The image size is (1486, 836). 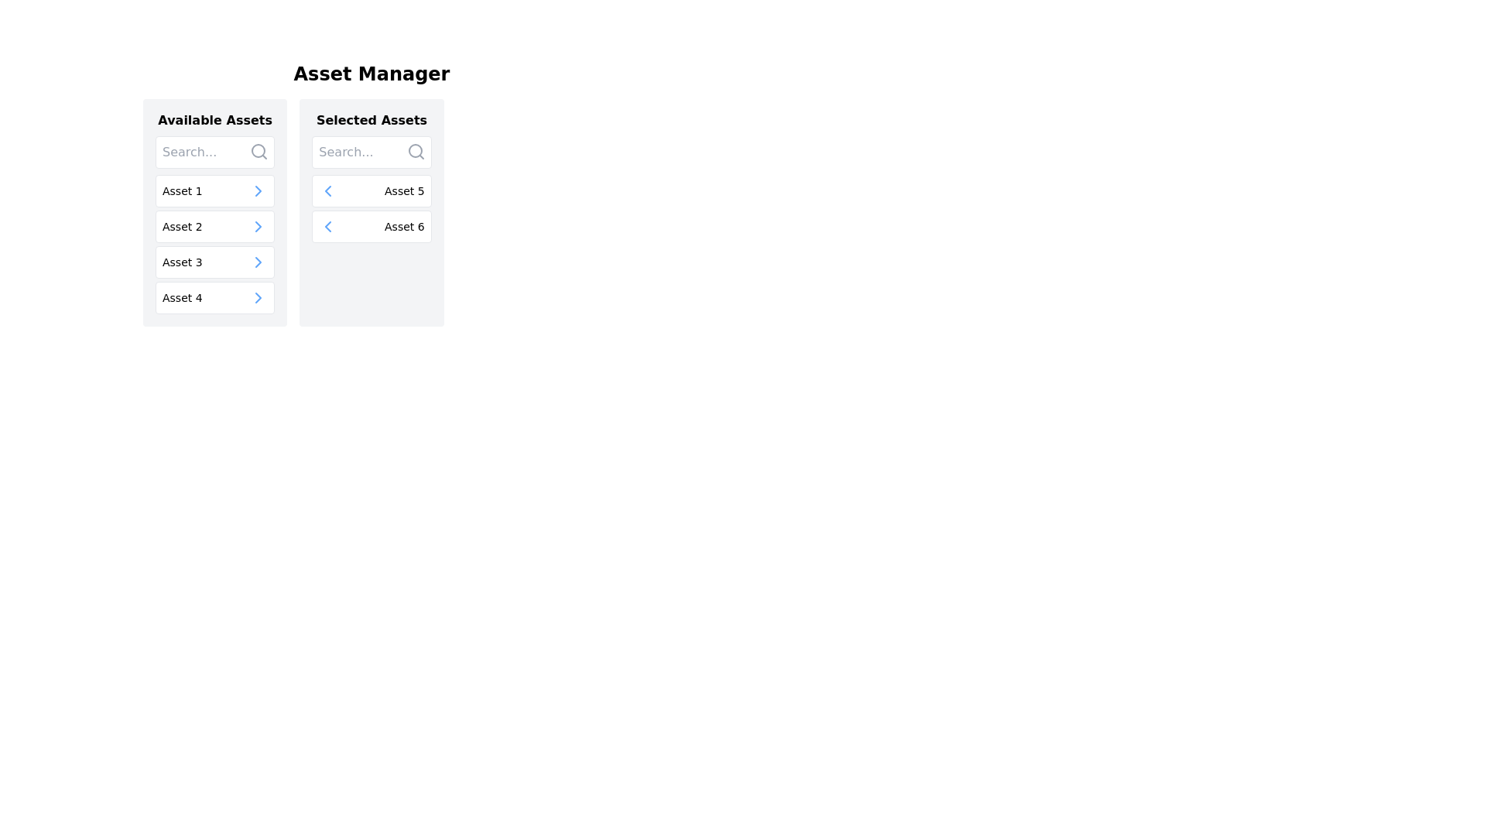 I want to click on the third arrow indicator next to the 'Asset 3' label in the 'Available Assets' column, so click(x=259, y=262).